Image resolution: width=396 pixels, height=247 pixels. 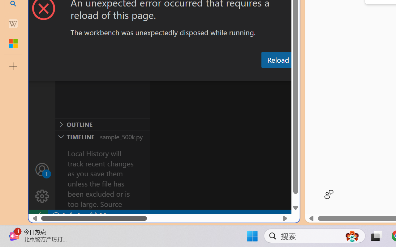 What do you see at coordinates (66, 216) in the screenshot?
I see `'No Problems'` at bounding box center [66, 216].